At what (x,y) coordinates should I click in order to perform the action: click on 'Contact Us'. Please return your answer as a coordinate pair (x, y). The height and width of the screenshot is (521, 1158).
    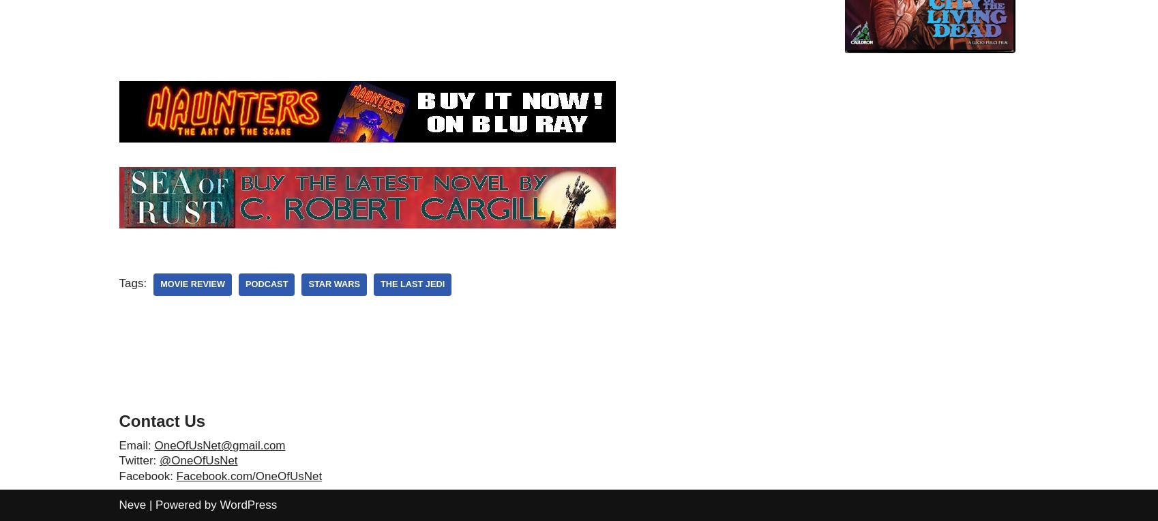
    Looking at the image, I should click on (162, 420).